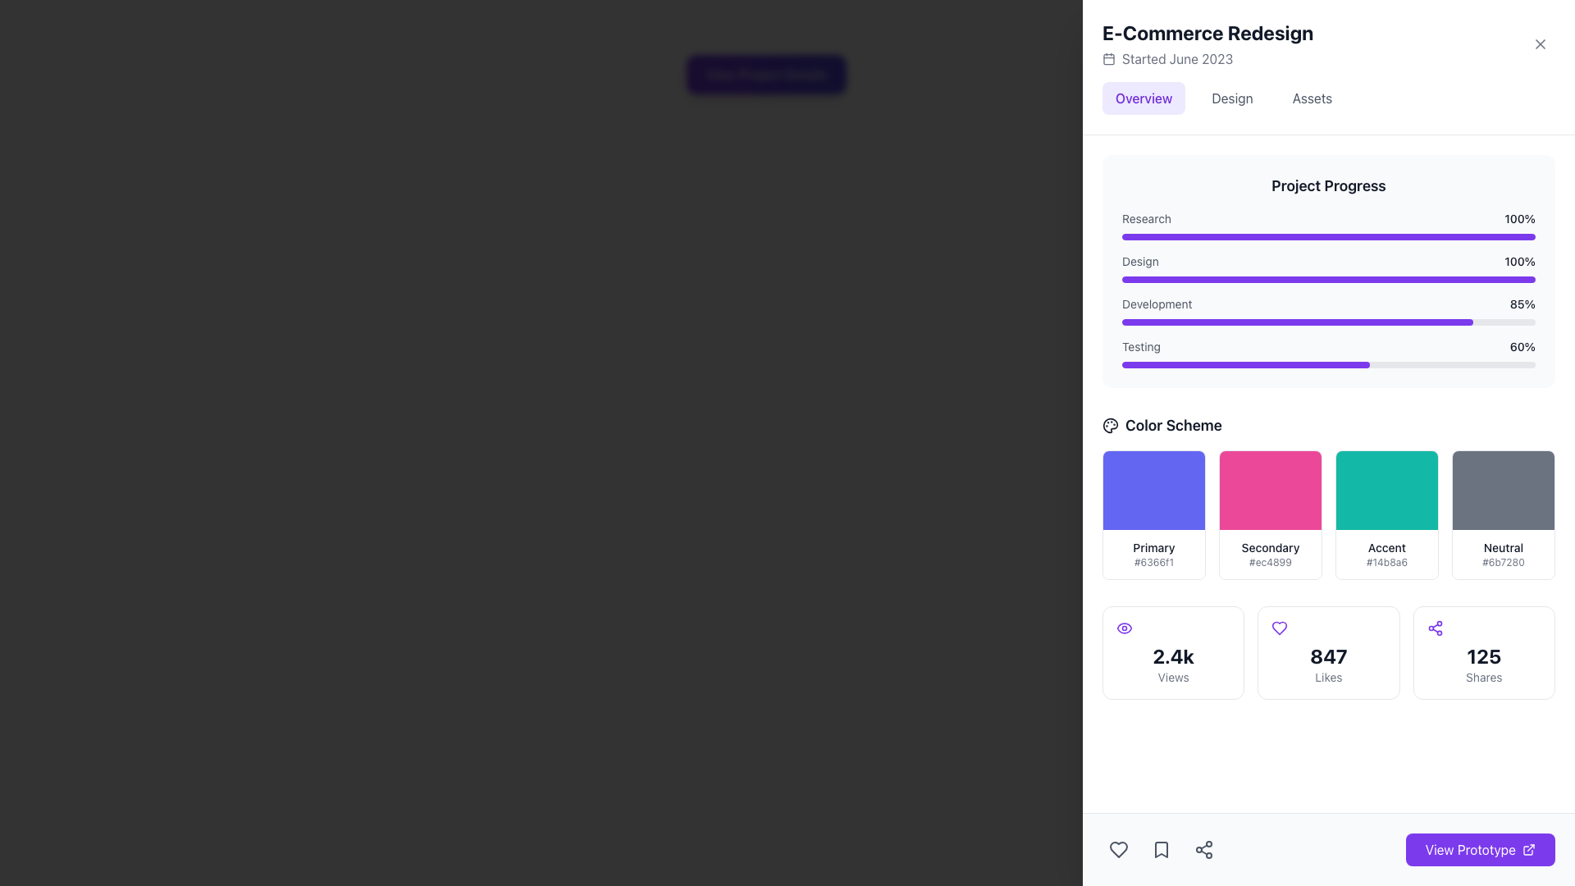 This screenshot has height=886, width=1575. Describe the element at coordinates (1484, 655) in the screenshot. I see `number displayed in the Text Display located at the bottom right of the interface, above the label 'Shares', which visually represents engagement with the content` at that location.